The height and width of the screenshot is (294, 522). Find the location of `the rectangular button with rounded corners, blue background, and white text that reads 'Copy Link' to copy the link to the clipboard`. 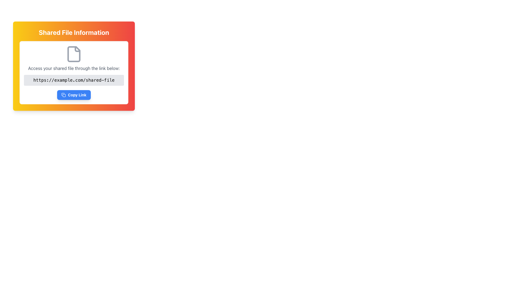

the rectangular button with rounded corners, blue background, and white text that reads 'Copy Link' to copy the link to the clipboard is located at coordinates (74, 94).